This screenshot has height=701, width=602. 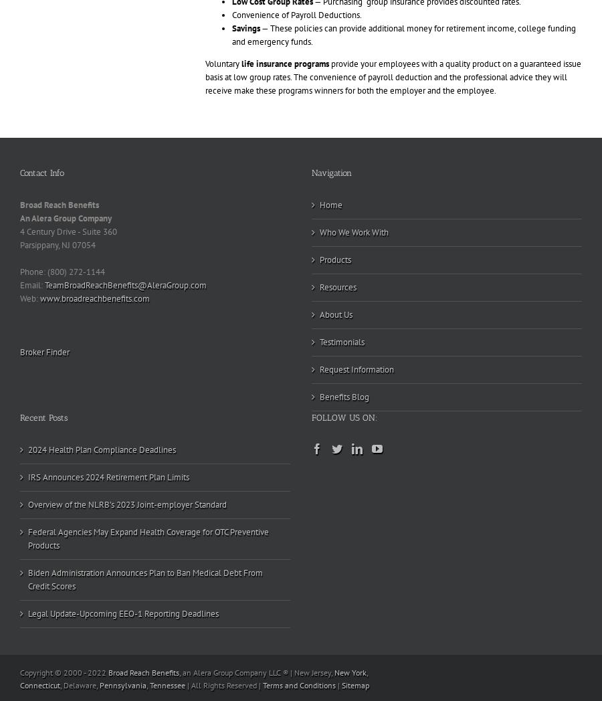 What do you see at coordinates (298, 684) in the screenshot?
I see `'Terms and Conditions'` at bounding box center [298, 684].